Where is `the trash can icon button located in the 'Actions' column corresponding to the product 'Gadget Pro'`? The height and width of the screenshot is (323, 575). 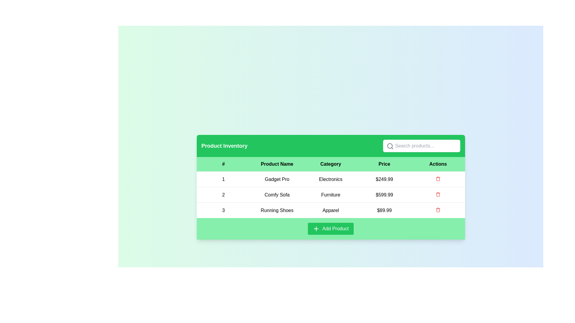 the trash can icon button located in the 'Actions' column corresponding to the product 'Gadget Pro' is located at coordinates (438, 178).